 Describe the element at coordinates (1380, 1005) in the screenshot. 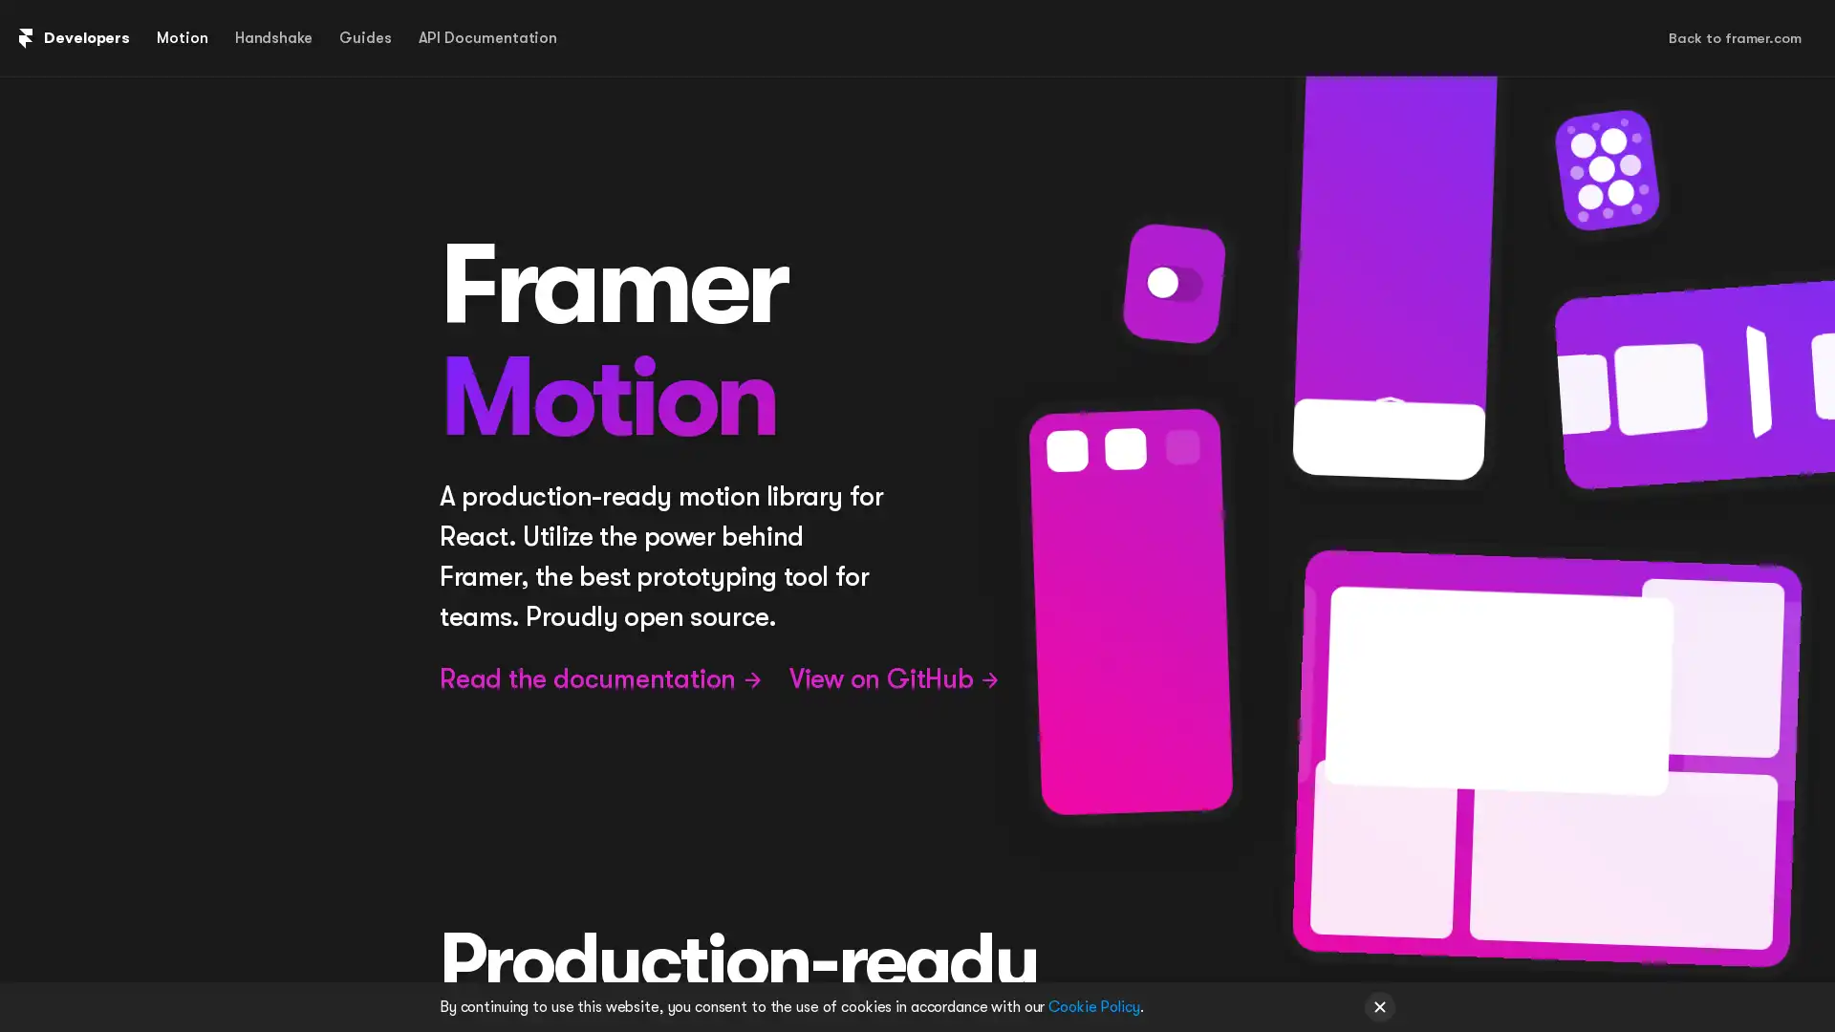

I see `close` at that location.